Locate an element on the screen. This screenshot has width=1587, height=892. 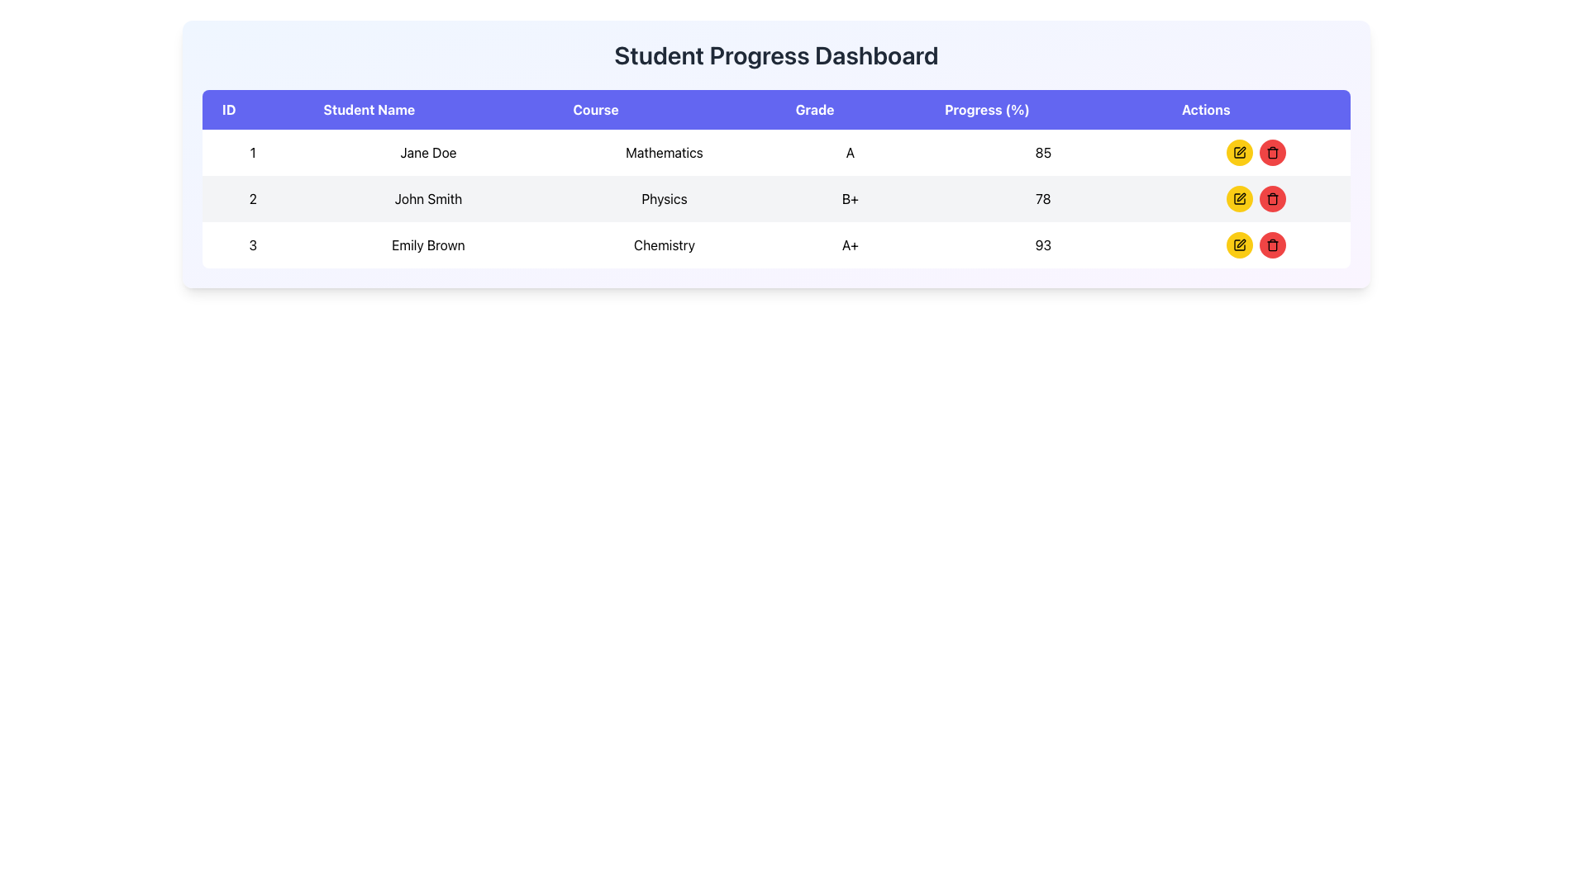
the third row of the data table, which contains fields such as ID, name, subject, grade, progress percentage, and action buttons, immediately following the row for 'John Smith' is located at coordinates (775, 245).